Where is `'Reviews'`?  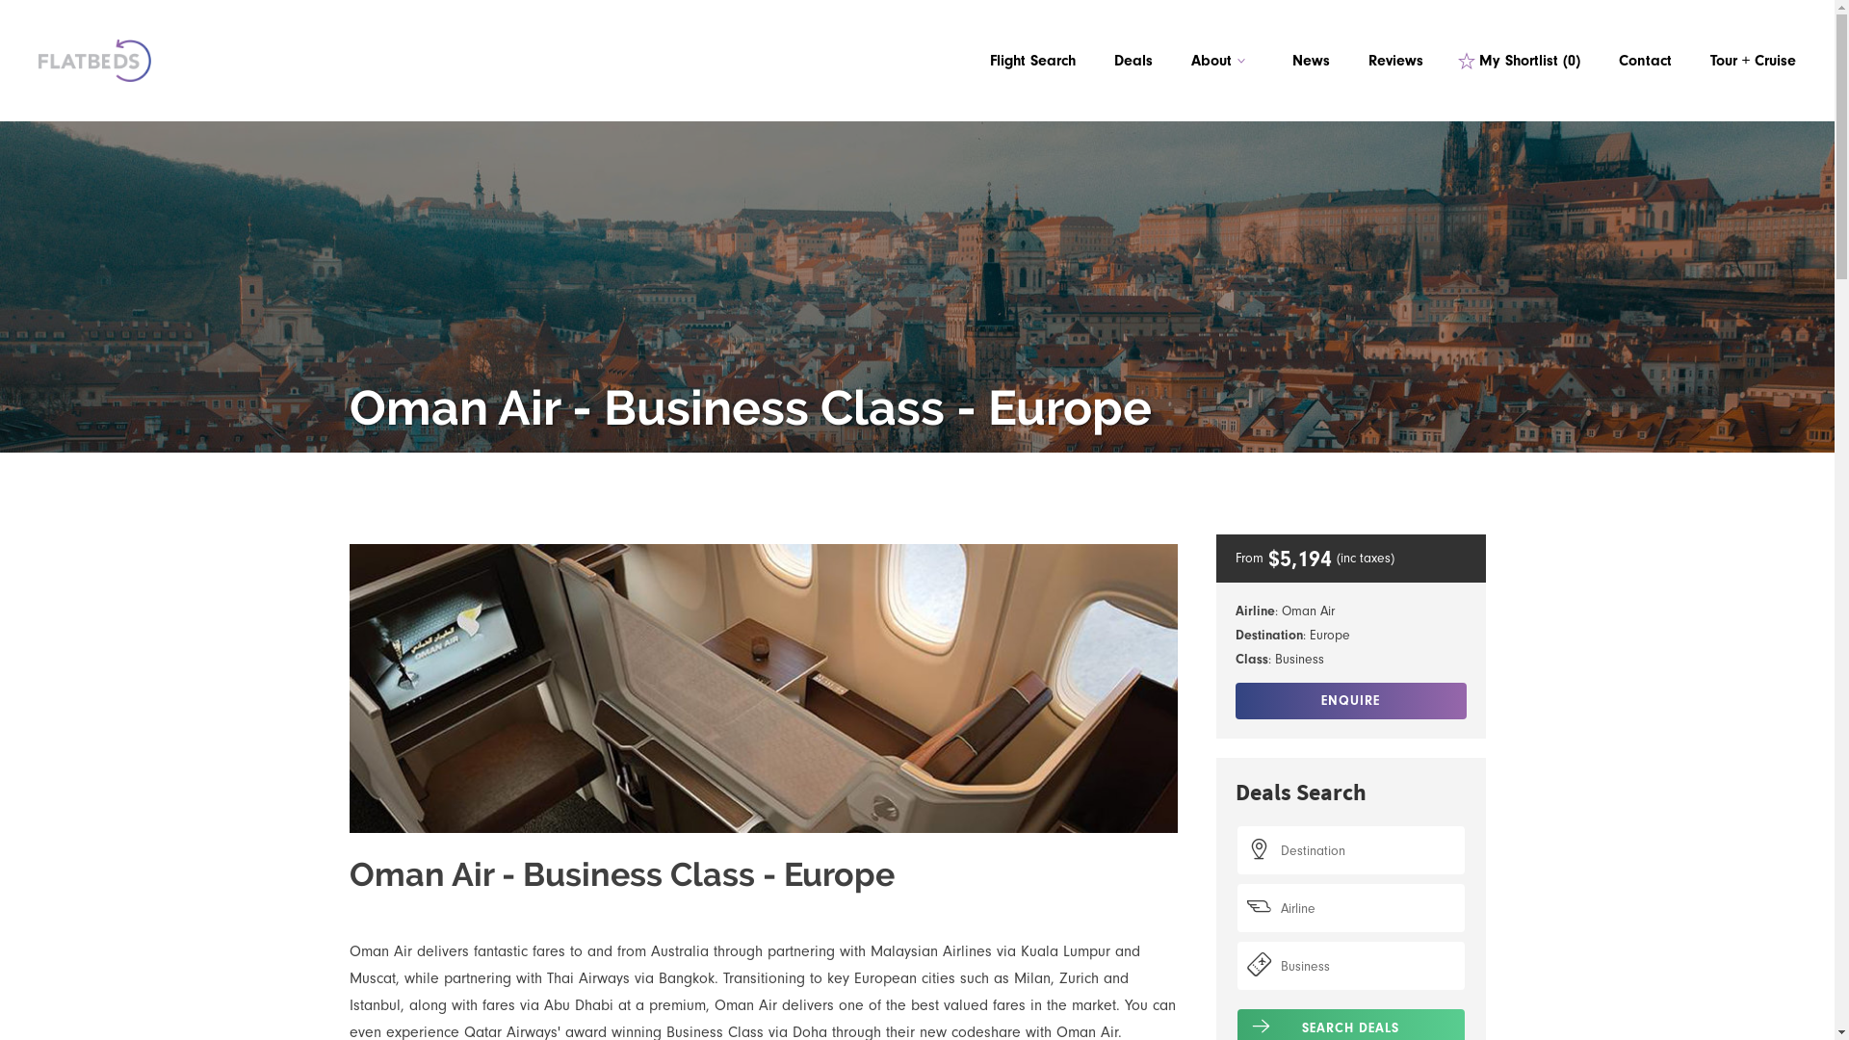 'Reviews' is located at coordinates (1395, 59).